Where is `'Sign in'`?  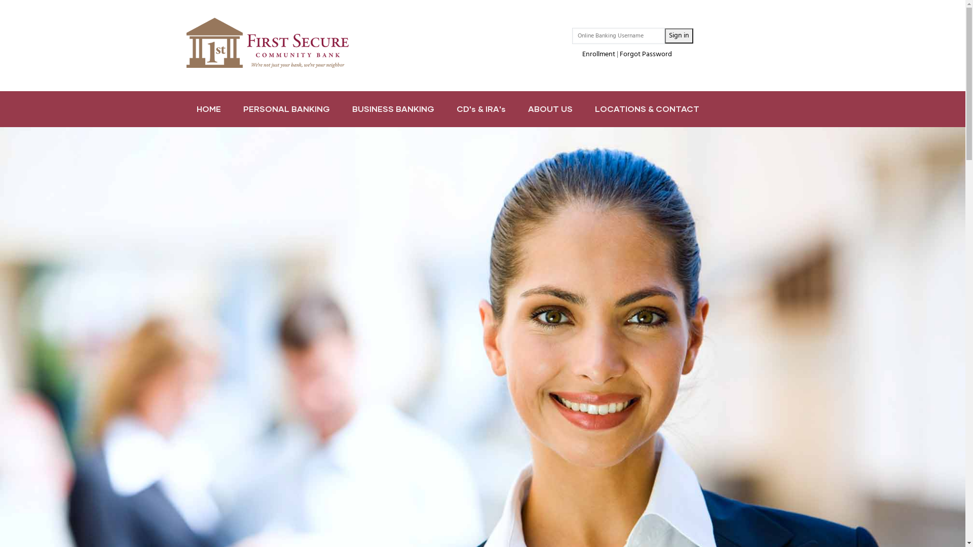
'Sign in' is located at coordinates (679, 35).